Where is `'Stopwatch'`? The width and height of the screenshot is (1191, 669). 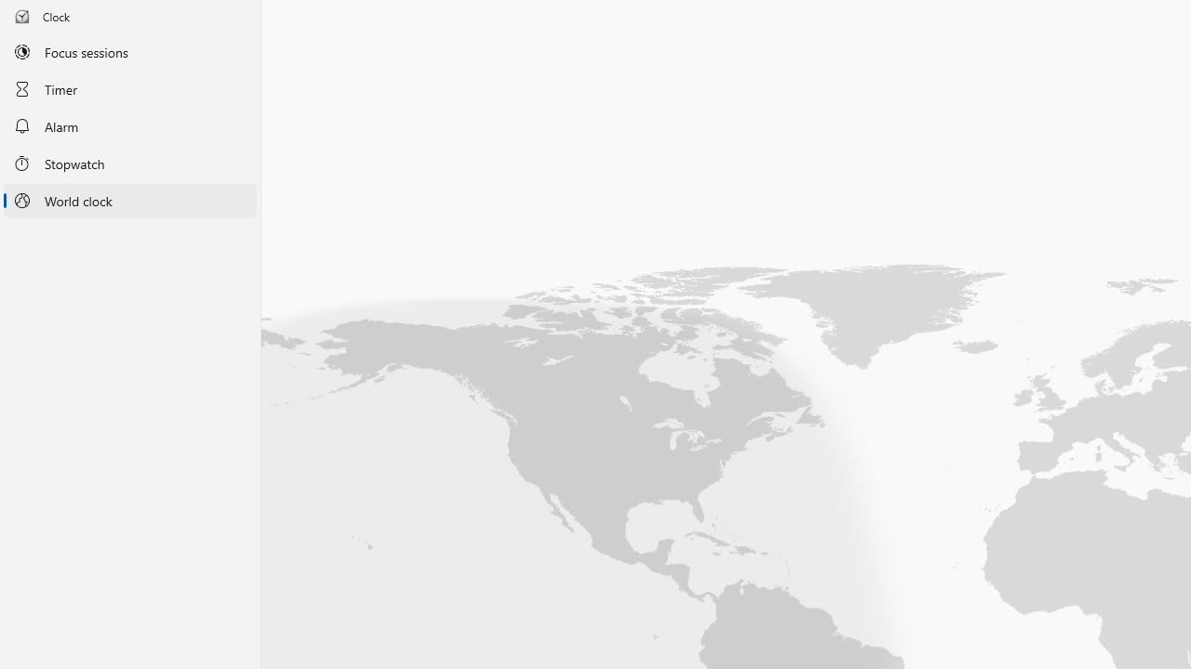 'Stopwatch' is located at coordinates (129, 162).